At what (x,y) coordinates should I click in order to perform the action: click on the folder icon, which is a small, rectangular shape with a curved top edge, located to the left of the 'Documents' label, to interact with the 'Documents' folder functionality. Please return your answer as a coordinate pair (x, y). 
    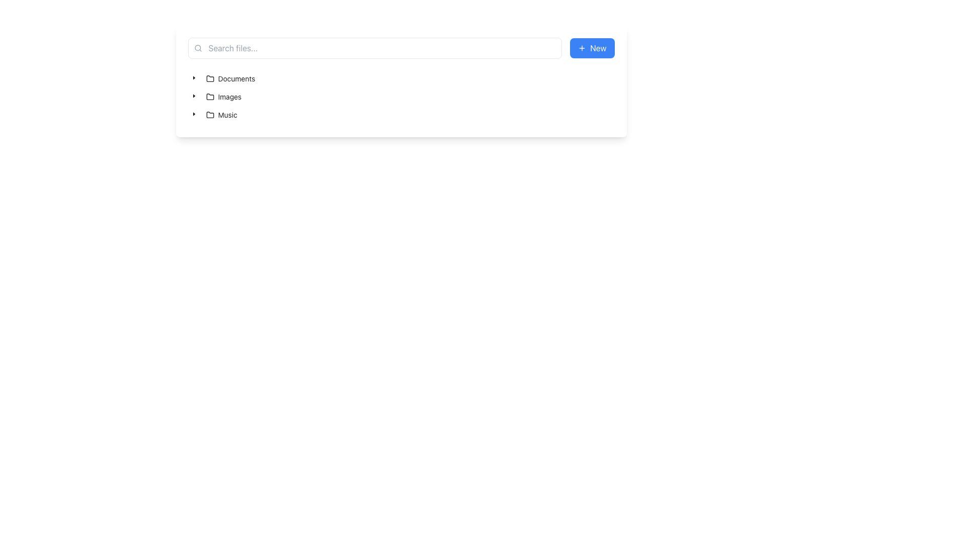
    Looking at the image, I should click on (209, 78).